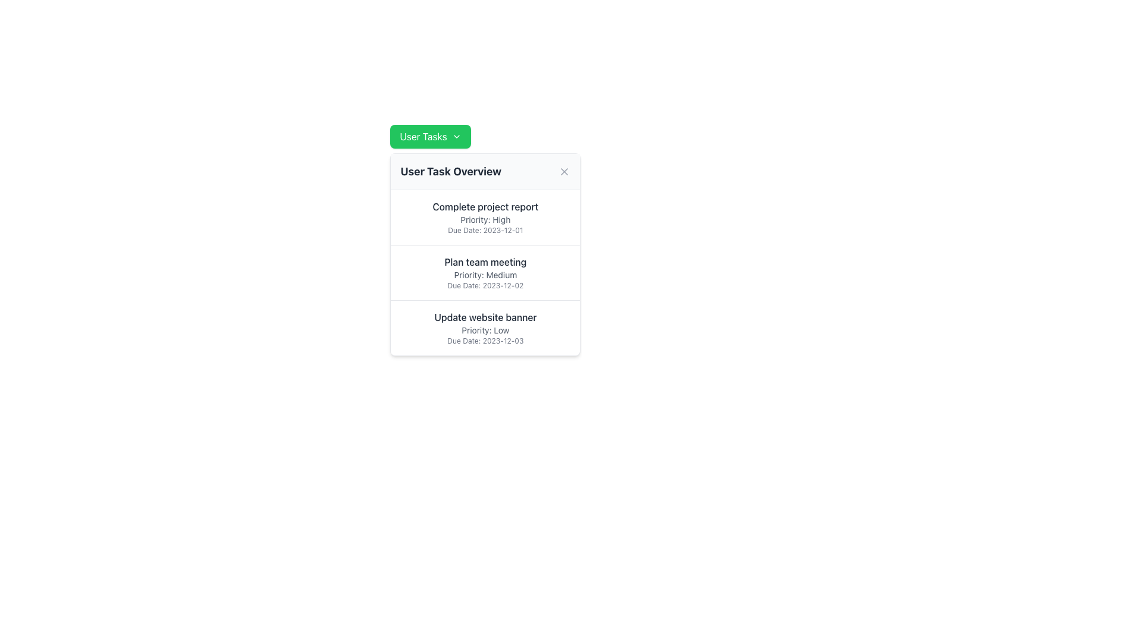 This screenshot has width=1142, height=642. I want to click on due date information displayed in the text label 'Due Date: 2023-12-02', which is located beneath the task title and priority level on the 'Plan team meeting' task card, so click(485, 286).